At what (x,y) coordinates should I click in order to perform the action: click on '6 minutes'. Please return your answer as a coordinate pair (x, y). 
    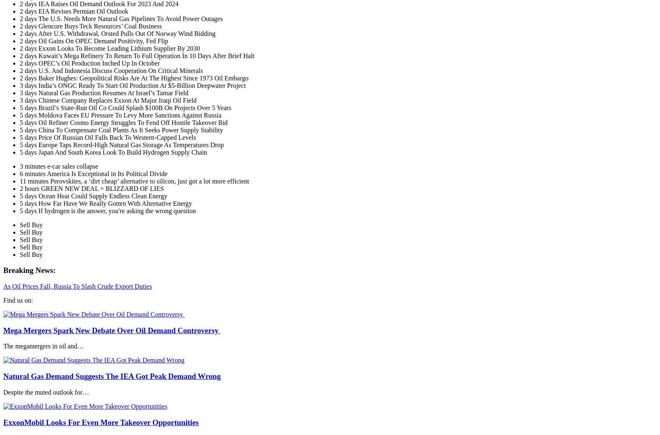
    Looking at the image, I should click on (32, 173).